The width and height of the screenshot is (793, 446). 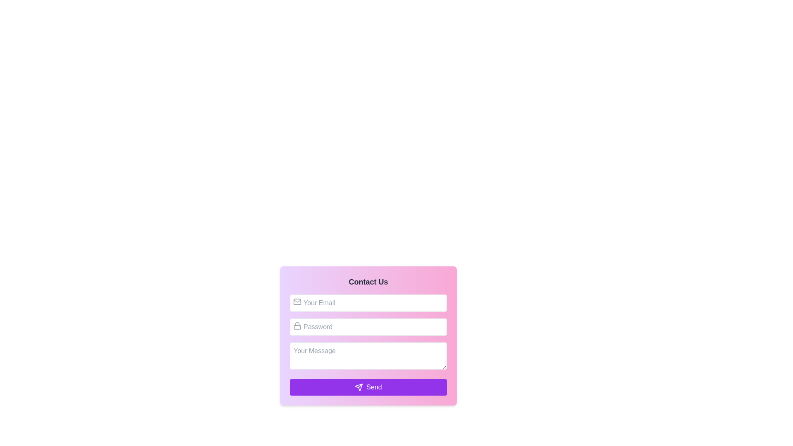 What do you see at coordinates (368, 336) in the screenshot?
I see `into the Password Input Field by clicking on it` at bounding box center [368, 336].